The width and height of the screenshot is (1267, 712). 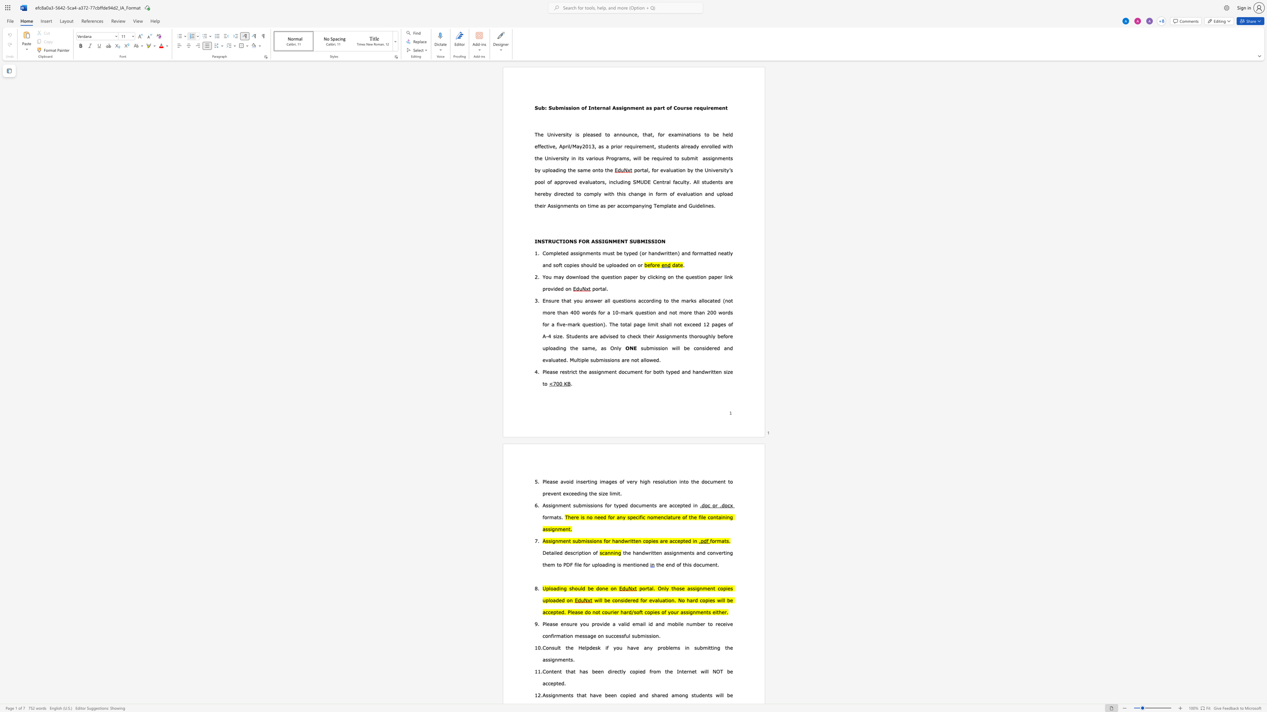 What do you see at coordinates (601, 493) in the screenshot?
I see `the space between the continuous character "s" and "i" in the text` at bounding box center [601, 493].